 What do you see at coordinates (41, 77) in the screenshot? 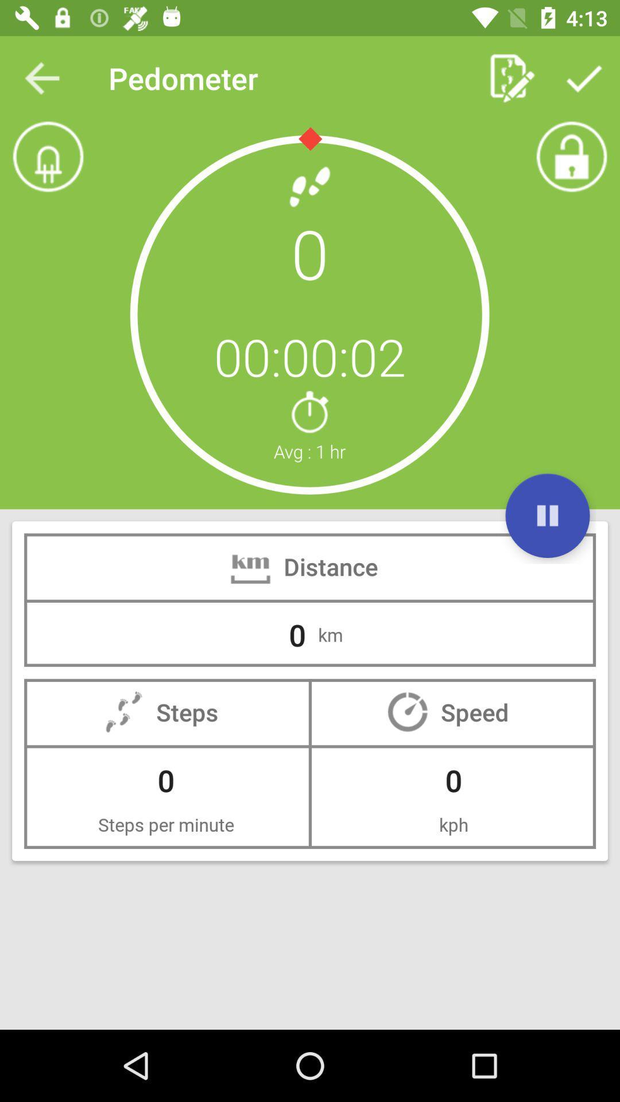
I see `icon above the 0 item` at bounding box center [41, 77].